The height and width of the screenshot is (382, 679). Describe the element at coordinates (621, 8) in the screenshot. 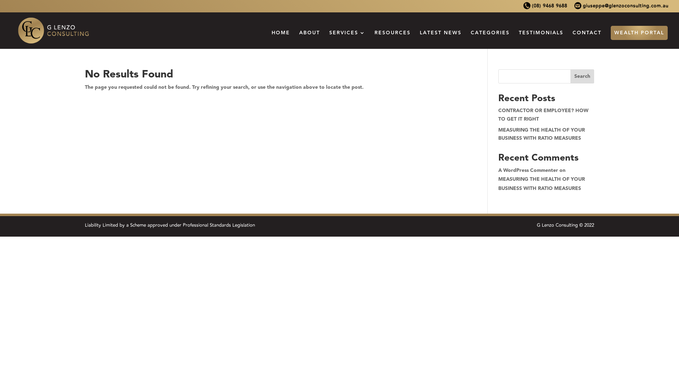

I see `'giuseppe@glenzoconsulting.com.au'` at that location.